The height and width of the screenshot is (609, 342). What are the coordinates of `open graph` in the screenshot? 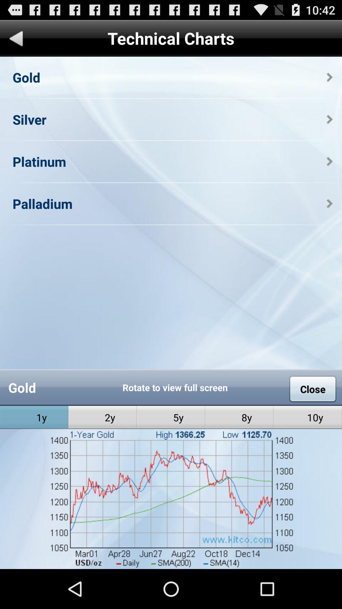 It's located at (171, 548).